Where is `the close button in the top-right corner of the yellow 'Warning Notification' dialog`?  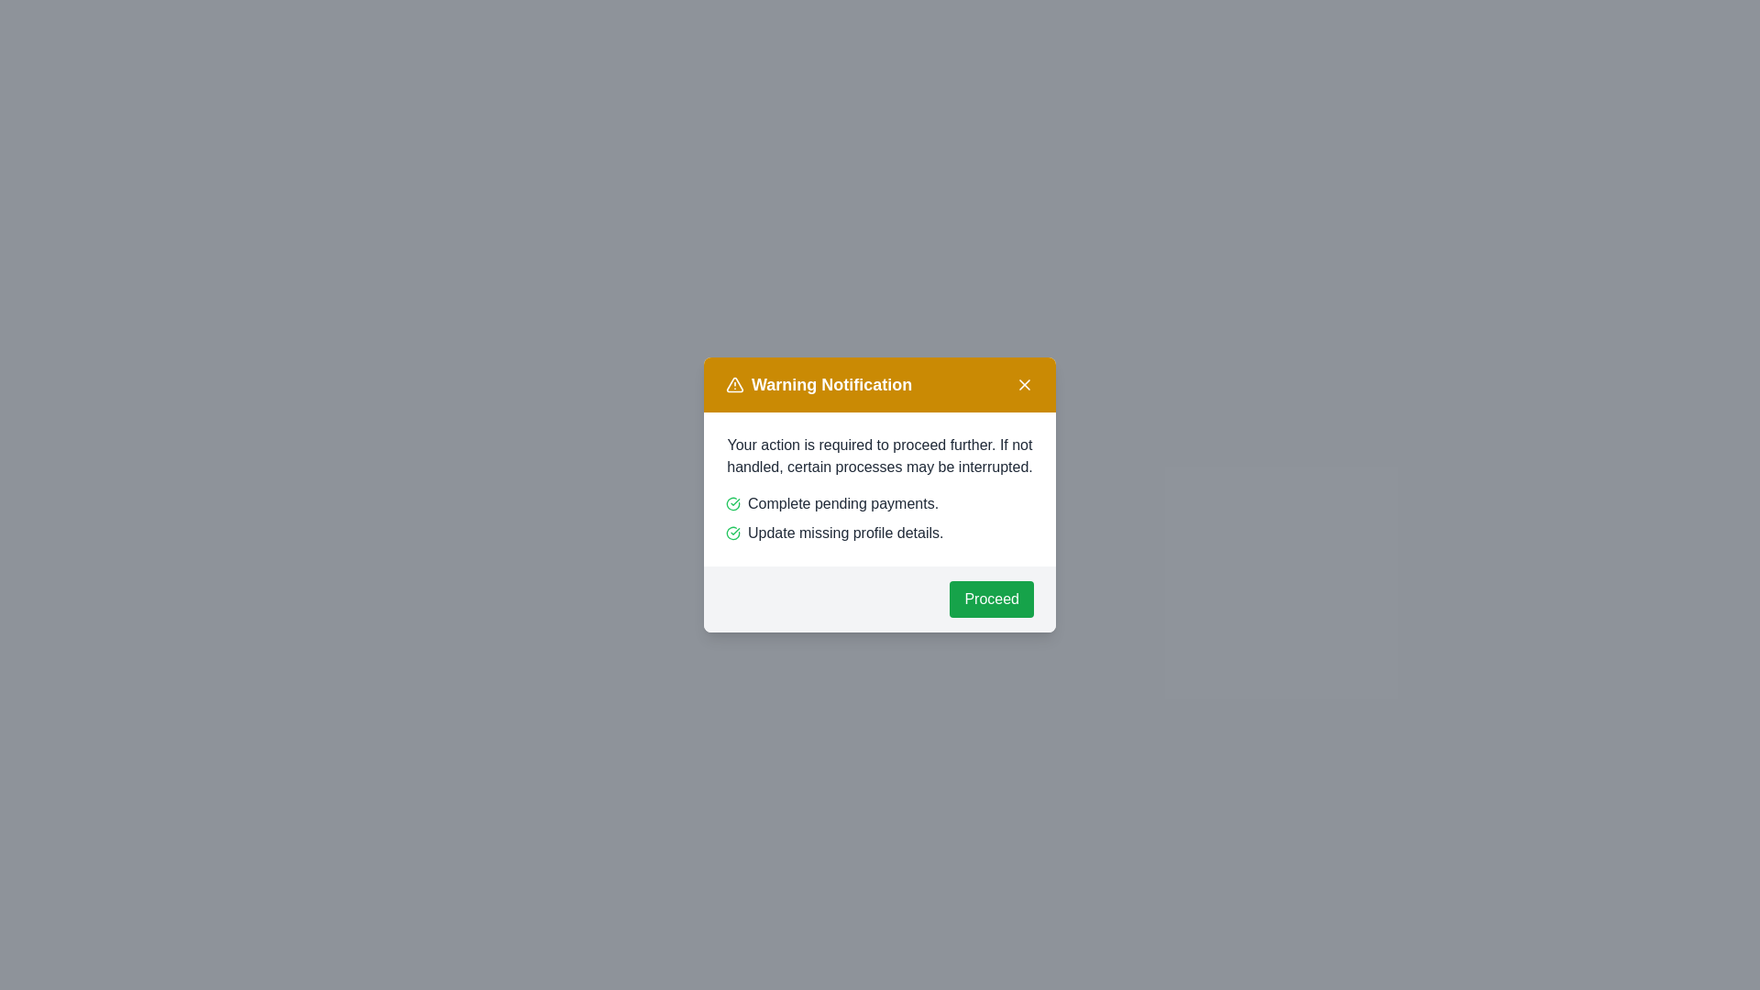
the close button in the top-right corner of the yellow 'Warning Notification' dialog is located at coordinates (1024, 384).